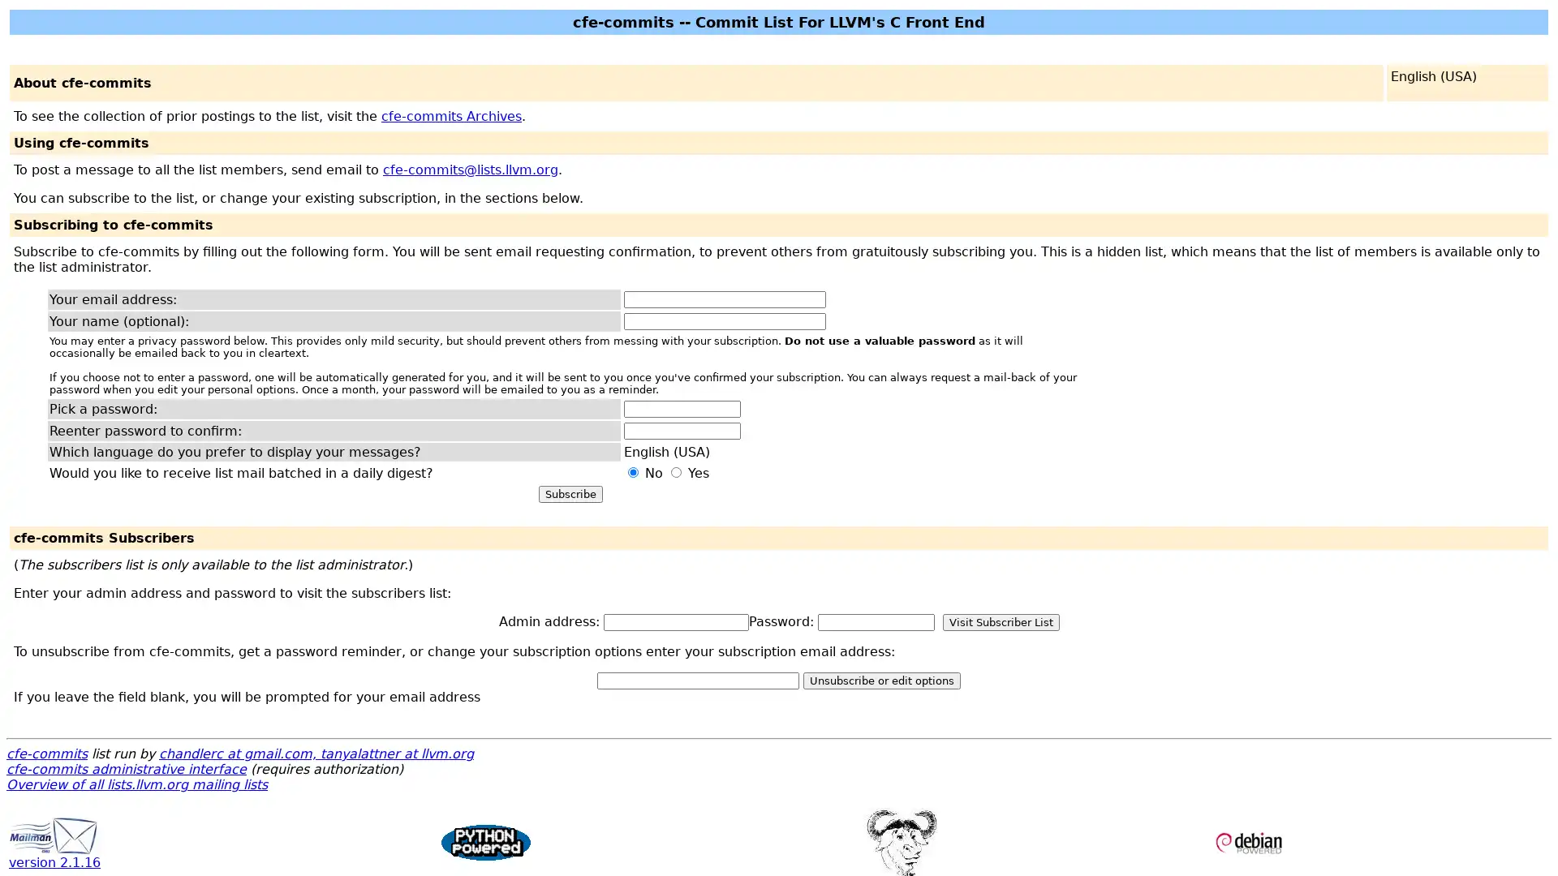 This screenshot has width=1558, height=876. I want to click on Visit Subscriber List, so click(1000, 621).